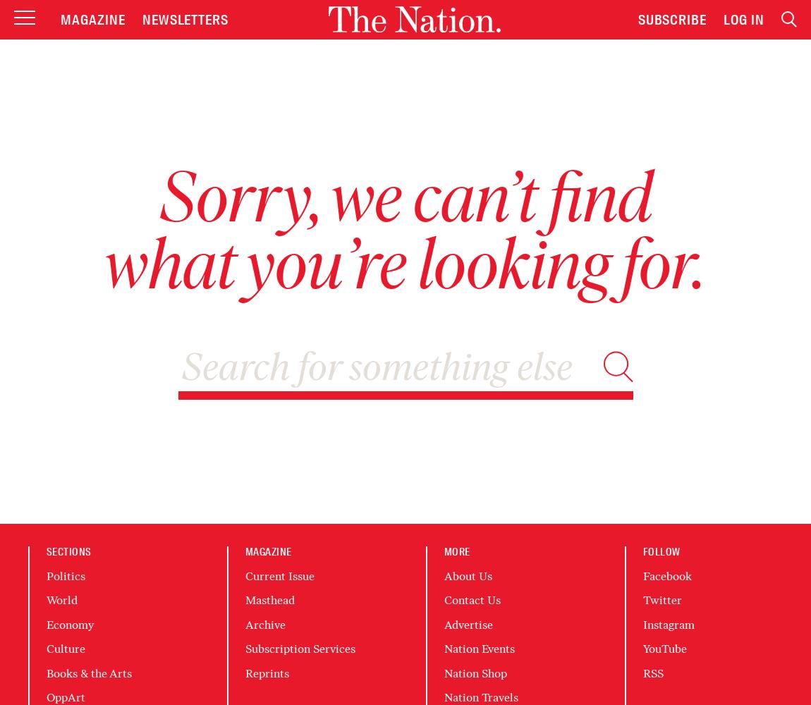  I want to click on 'Nation Events', so click(478, 649).